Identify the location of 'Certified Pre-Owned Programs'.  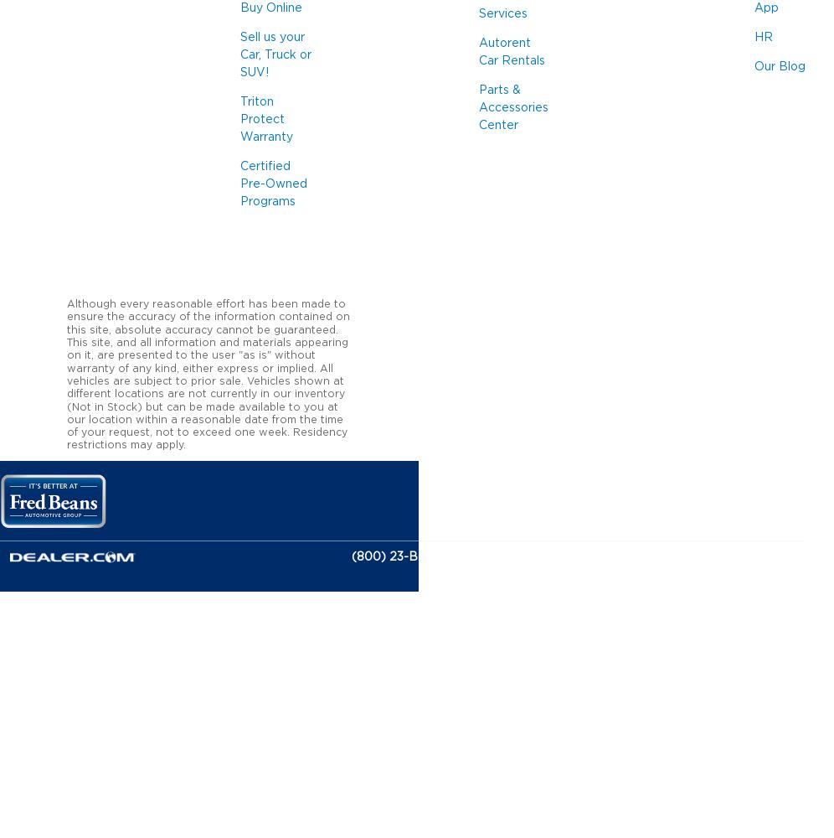
(272, 184).